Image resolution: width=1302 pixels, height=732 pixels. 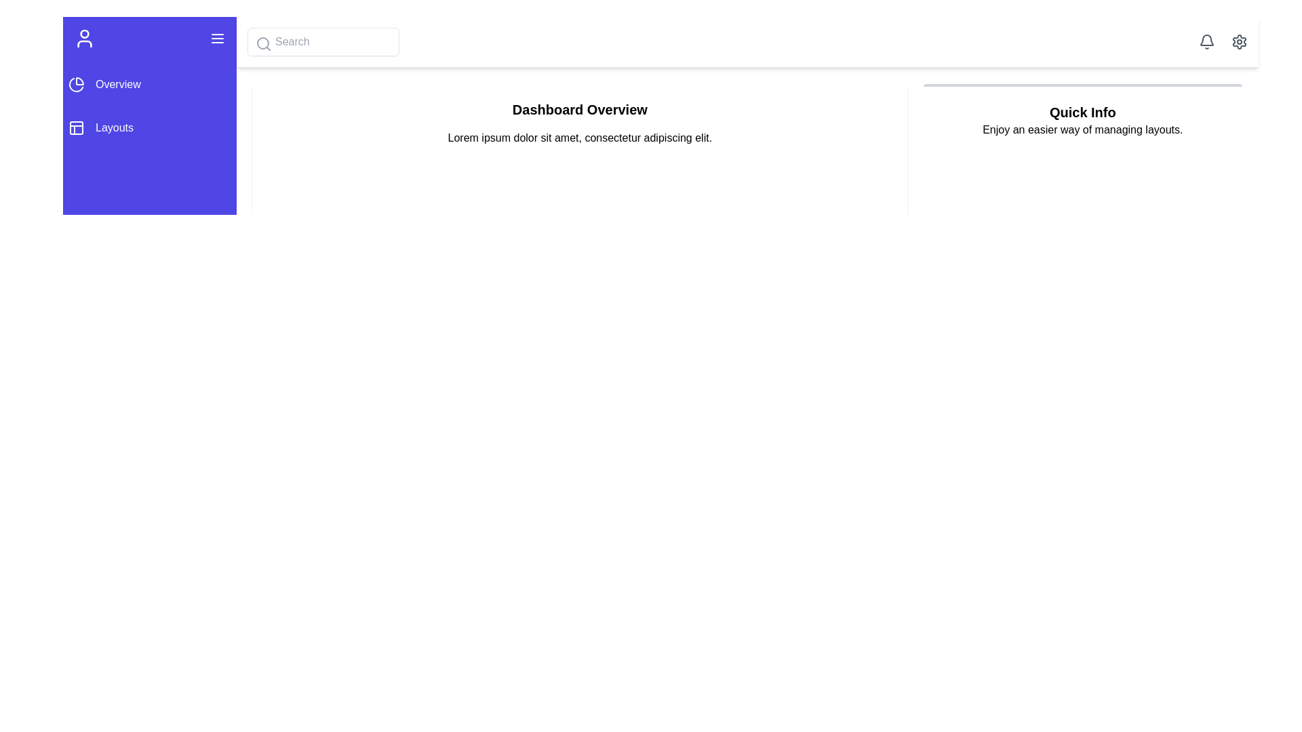 I want to click on the 'Layouts' icon located in the side navigation bar, positioned above the text 'Layouts' and below 'Overview', so click(x=76, y=128).